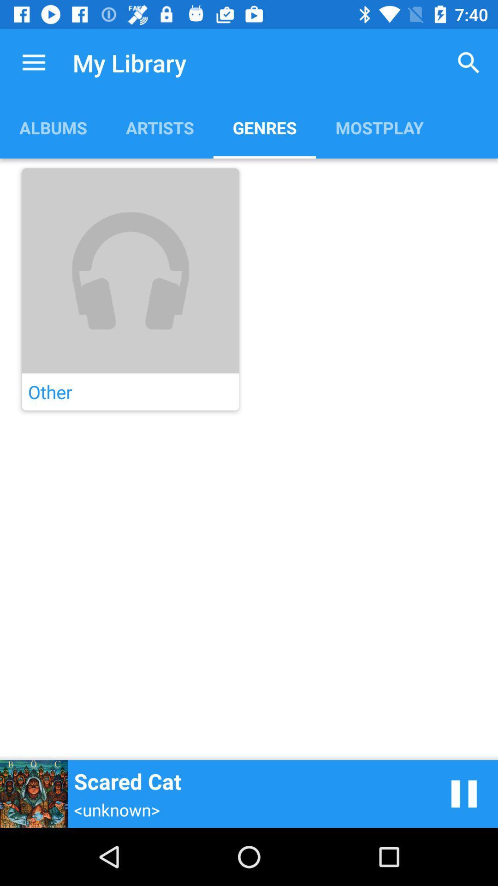 Image resolution: width=498 pixels, height=886 pixels. I want to click on app above albums item, so click(33, 62).